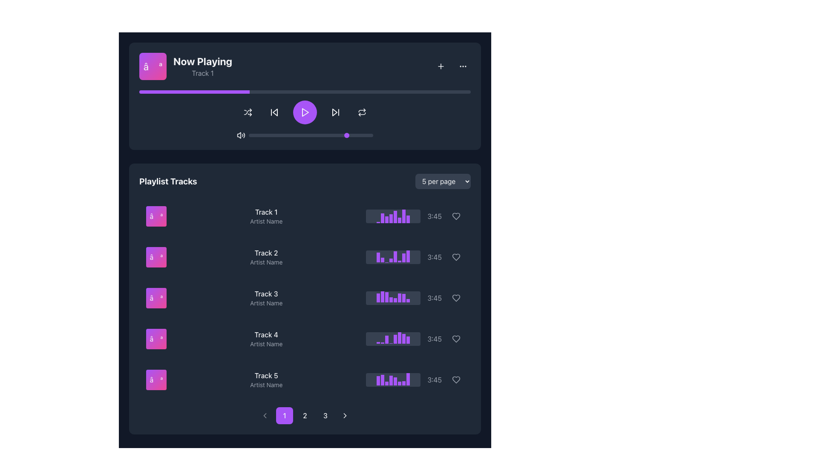 The height and width of the screenshot is (460, 818). I want to click on the sixth vertical purple bar in the horizontal bar chart located to the right of the playlist row for 'Track 4', so click(399, 337).